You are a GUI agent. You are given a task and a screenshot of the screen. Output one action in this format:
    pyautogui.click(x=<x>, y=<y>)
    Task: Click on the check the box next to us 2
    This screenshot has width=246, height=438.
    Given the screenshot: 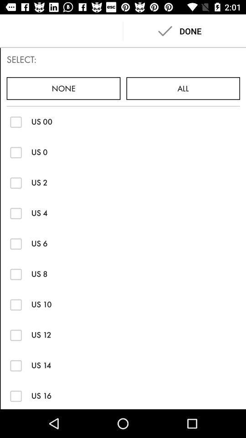 What is the action you would take?
    pyautogui.click(x=16, y=182)
    